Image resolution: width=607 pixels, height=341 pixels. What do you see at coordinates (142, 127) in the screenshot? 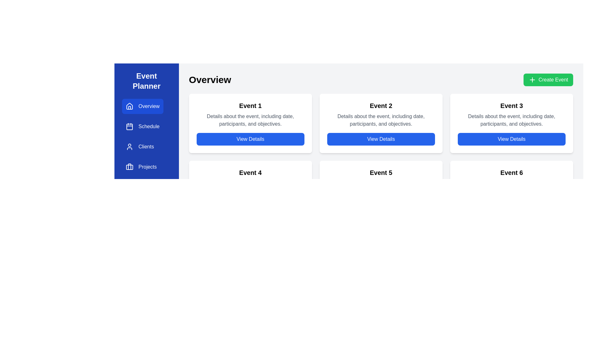
I see `the blue 'Schedule' button with a calendar icon located in the vertical navigation menu, positioned directly below the 'Overview' button` at bounding box center [142, 127].